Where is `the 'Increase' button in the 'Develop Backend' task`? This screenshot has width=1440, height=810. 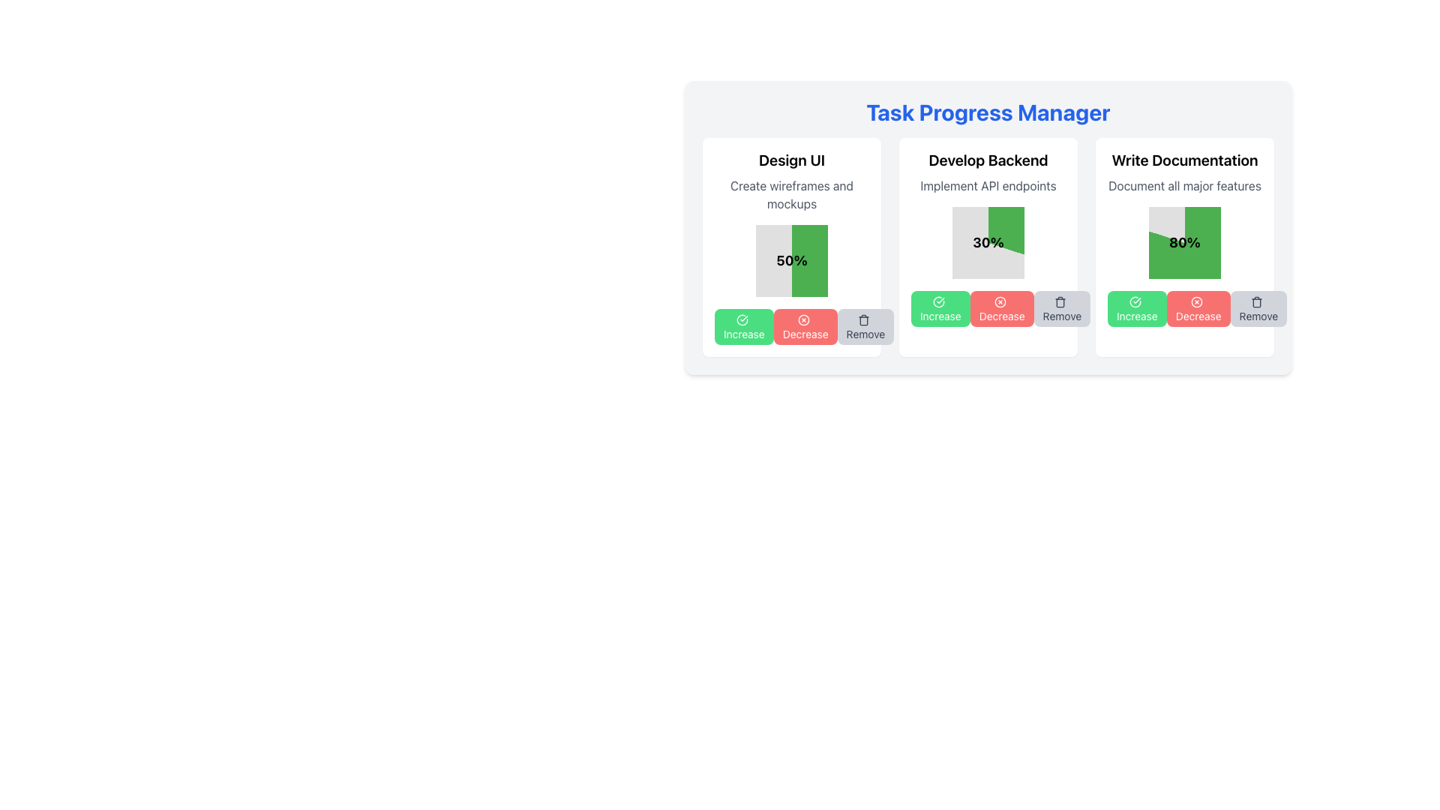
the 'Increase' button in the 'Develop Backend' task is located at coordinates (940, 308).